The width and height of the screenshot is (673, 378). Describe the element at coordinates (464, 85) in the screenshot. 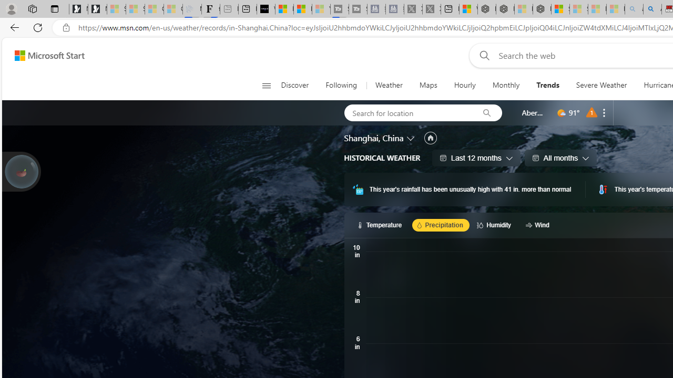

I see `'Hourly'` at that location.